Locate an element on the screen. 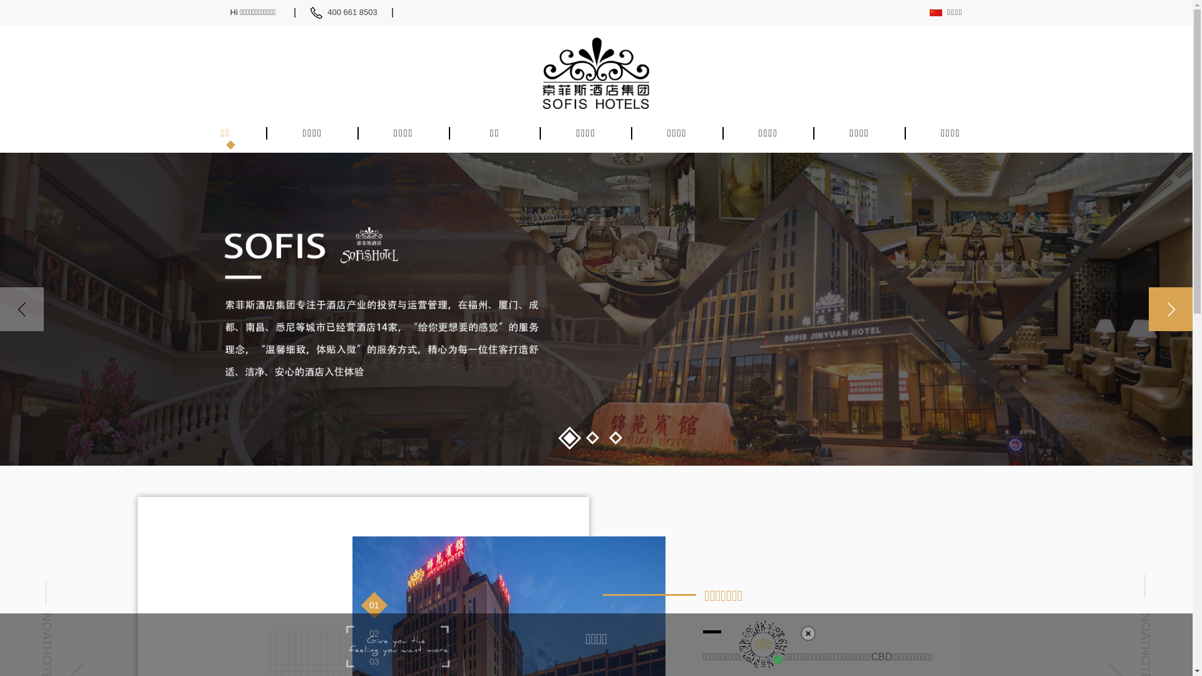 The height and width of the screenshot is (676, 1202). '400 661 8503' is located at coordinates (359, 12).